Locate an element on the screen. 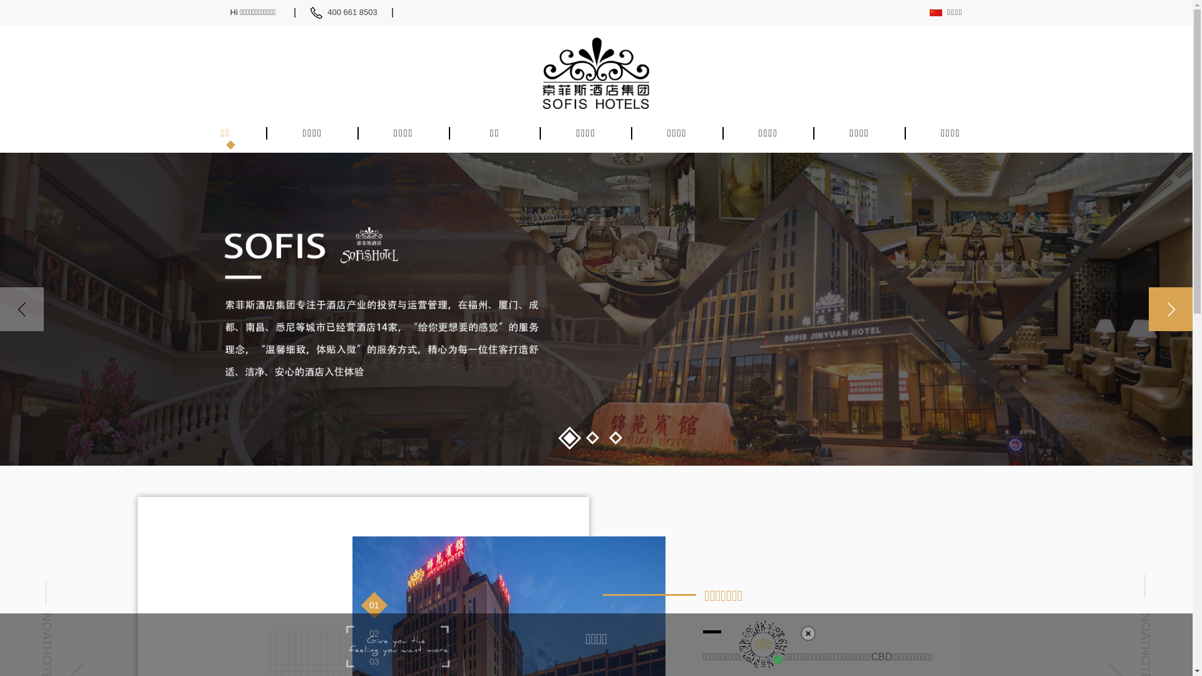 The height and width of the screenshot is (676, 1202). '400 661 8503' is located at coordinates (359, 12).